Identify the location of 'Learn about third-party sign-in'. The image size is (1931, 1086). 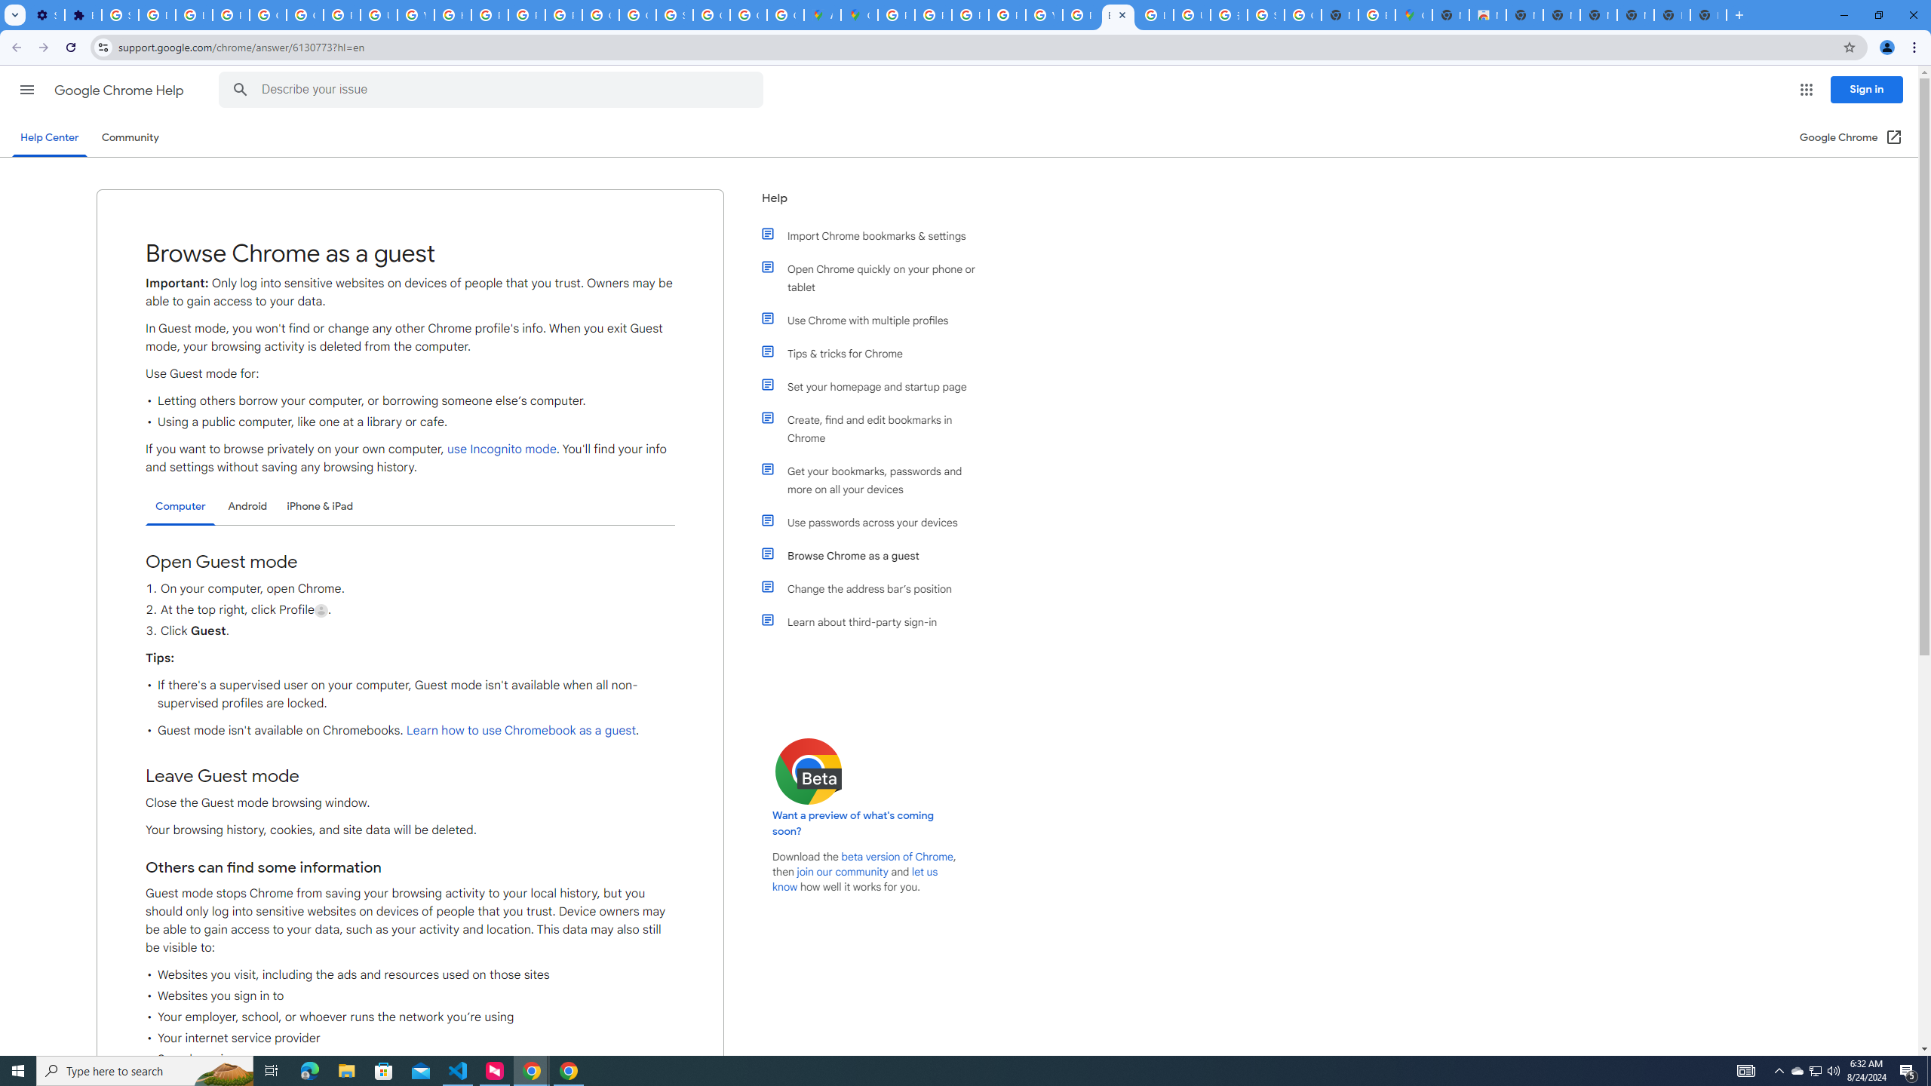
(876, 621).